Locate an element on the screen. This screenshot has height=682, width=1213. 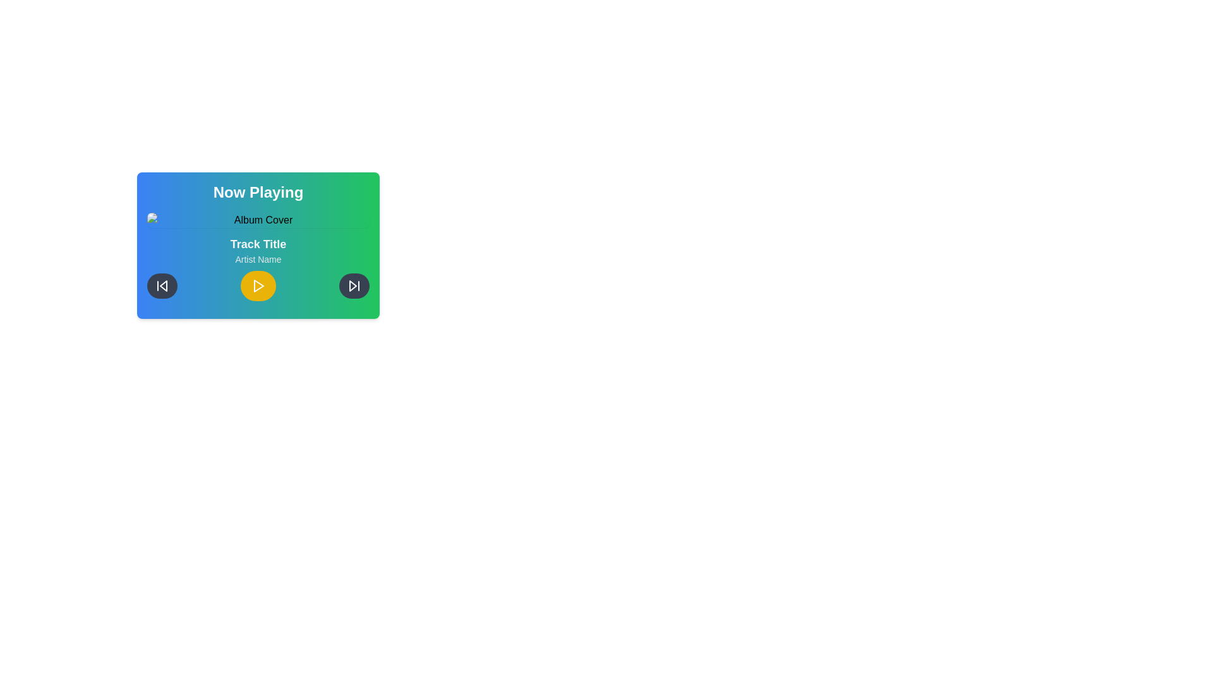
the forward-skip button icon, which is a triangle pointing to the right followed by a vertical line, located at the bottom-right corner of the media player interface is located at coordinates (354, 285).